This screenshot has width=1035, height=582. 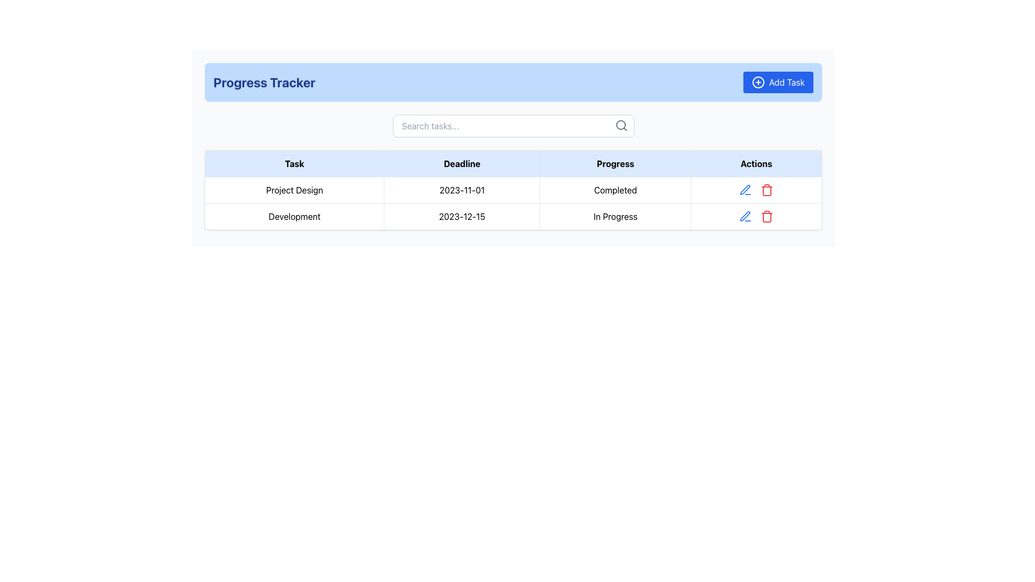 What do you see at coordinates (294, 190) in the screenshot?
I see `the task name cell in the project tracker table located in the first column of the first data row under the 'Task' header` at bounding box center [294, 190].